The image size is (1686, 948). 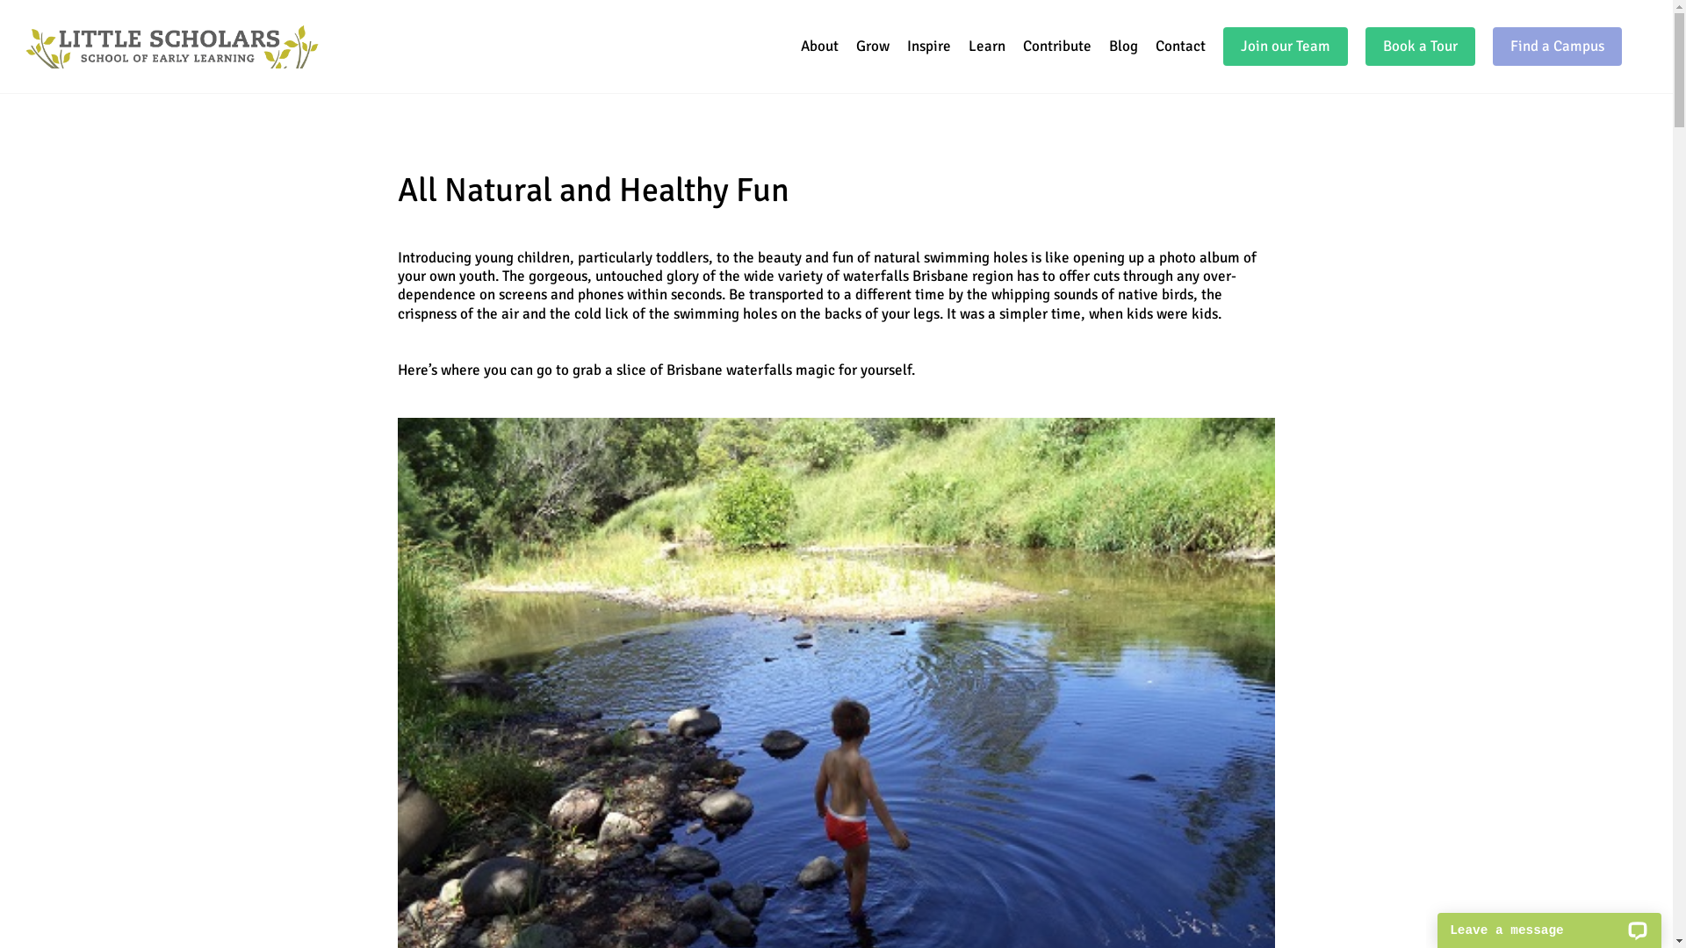 I want to click on 'Find a Campus', so click(x=1557, y=46).